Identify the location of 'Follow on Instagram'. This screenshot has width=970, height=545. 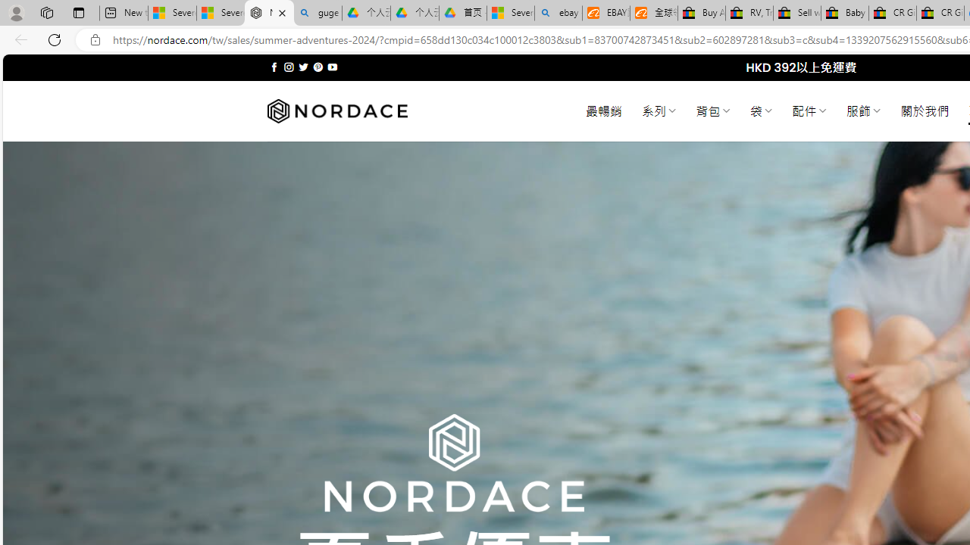
(289, 67).